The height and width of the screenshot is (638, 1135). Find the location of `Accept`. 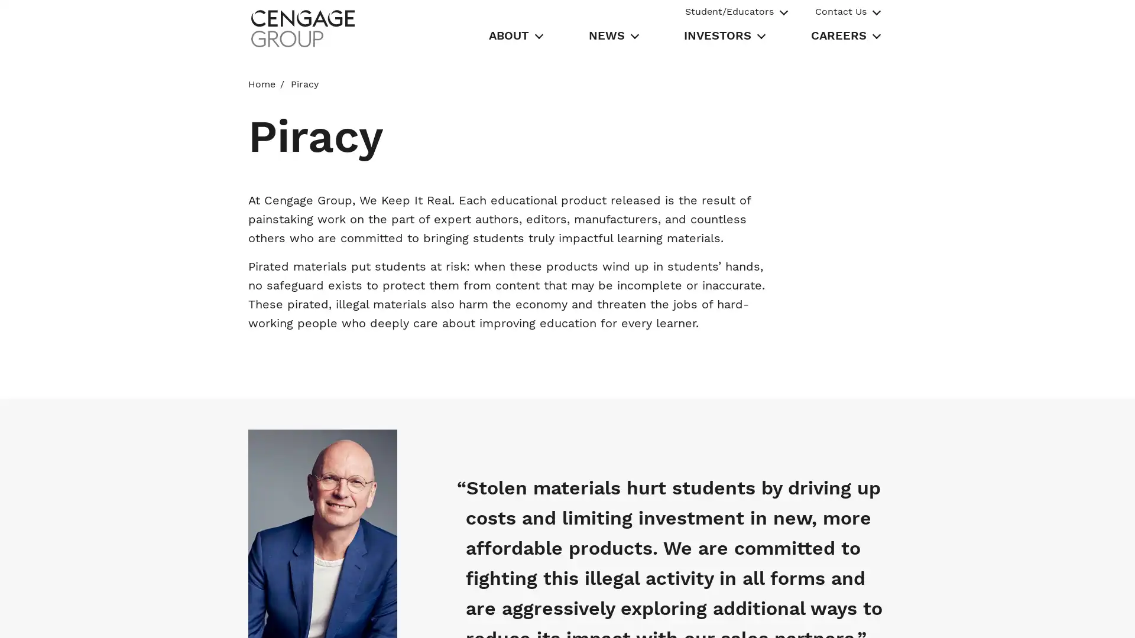

Accept is located at coordinates (911, 615).